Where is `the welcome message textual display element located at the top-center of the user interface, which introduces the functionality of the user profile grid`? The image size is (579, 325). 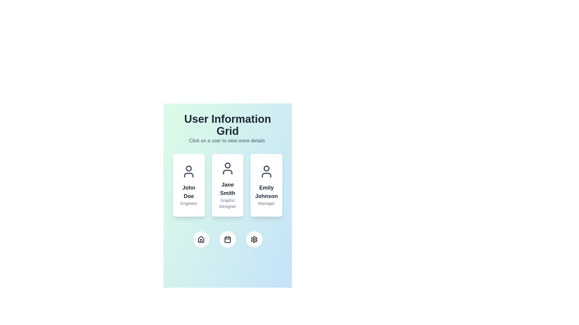
the welcome message textual display element located at the top-center of the user interface, which introduces the functionality of the user profile grid is located at coordinates (227, 128).